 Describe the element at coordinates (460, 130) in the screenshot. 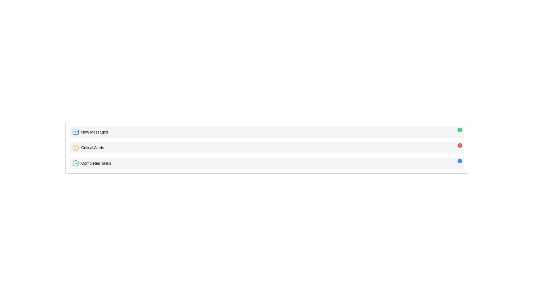

I see `the notification count by clicking on the Notification Badge located at the top-right corner of the 'New Messages' section` at that location.